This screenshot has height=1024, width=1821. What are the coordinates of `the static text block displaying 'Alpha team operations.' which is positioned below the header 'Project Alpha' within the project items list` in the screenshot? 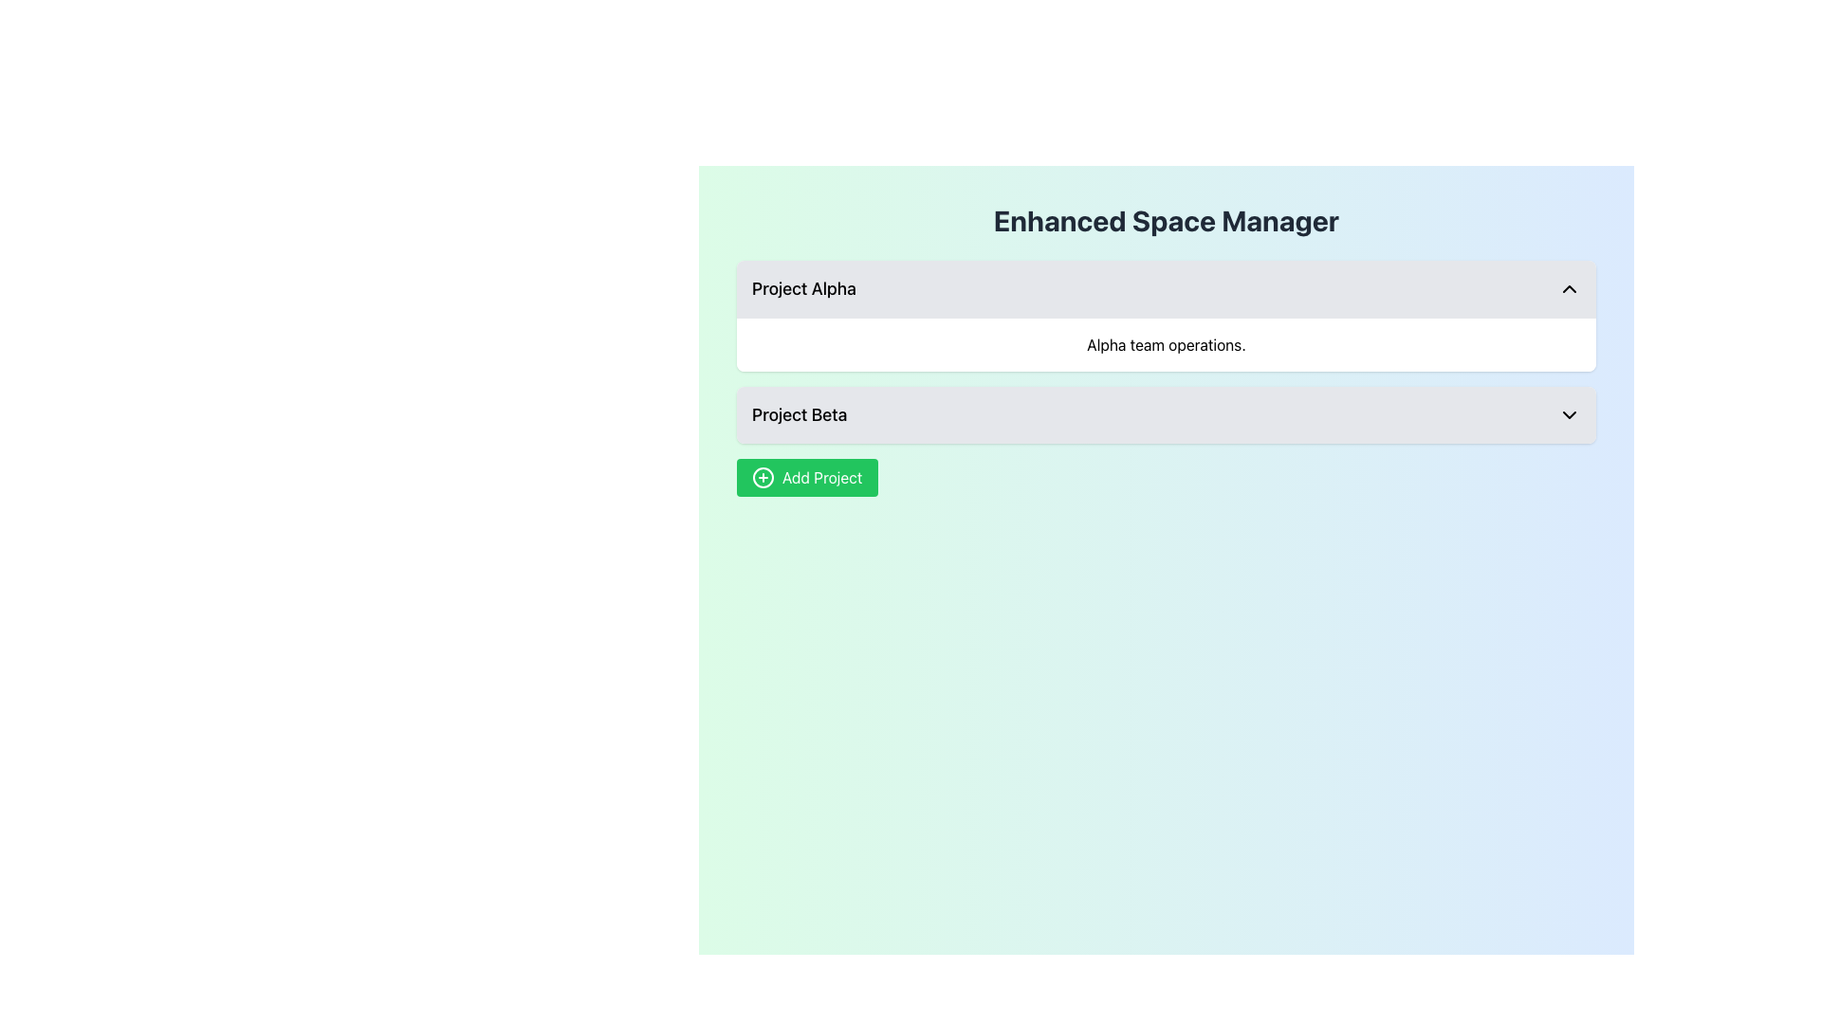 It's located at (1165, 344).